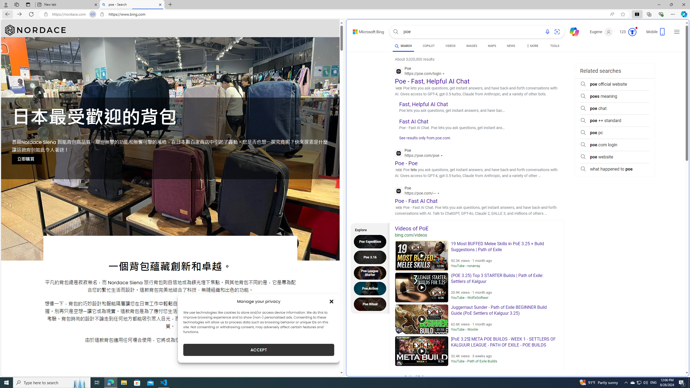 The width and height of the screenshot is (690, 388). I want to click on 'Poe 3.16', so click(371, 257).